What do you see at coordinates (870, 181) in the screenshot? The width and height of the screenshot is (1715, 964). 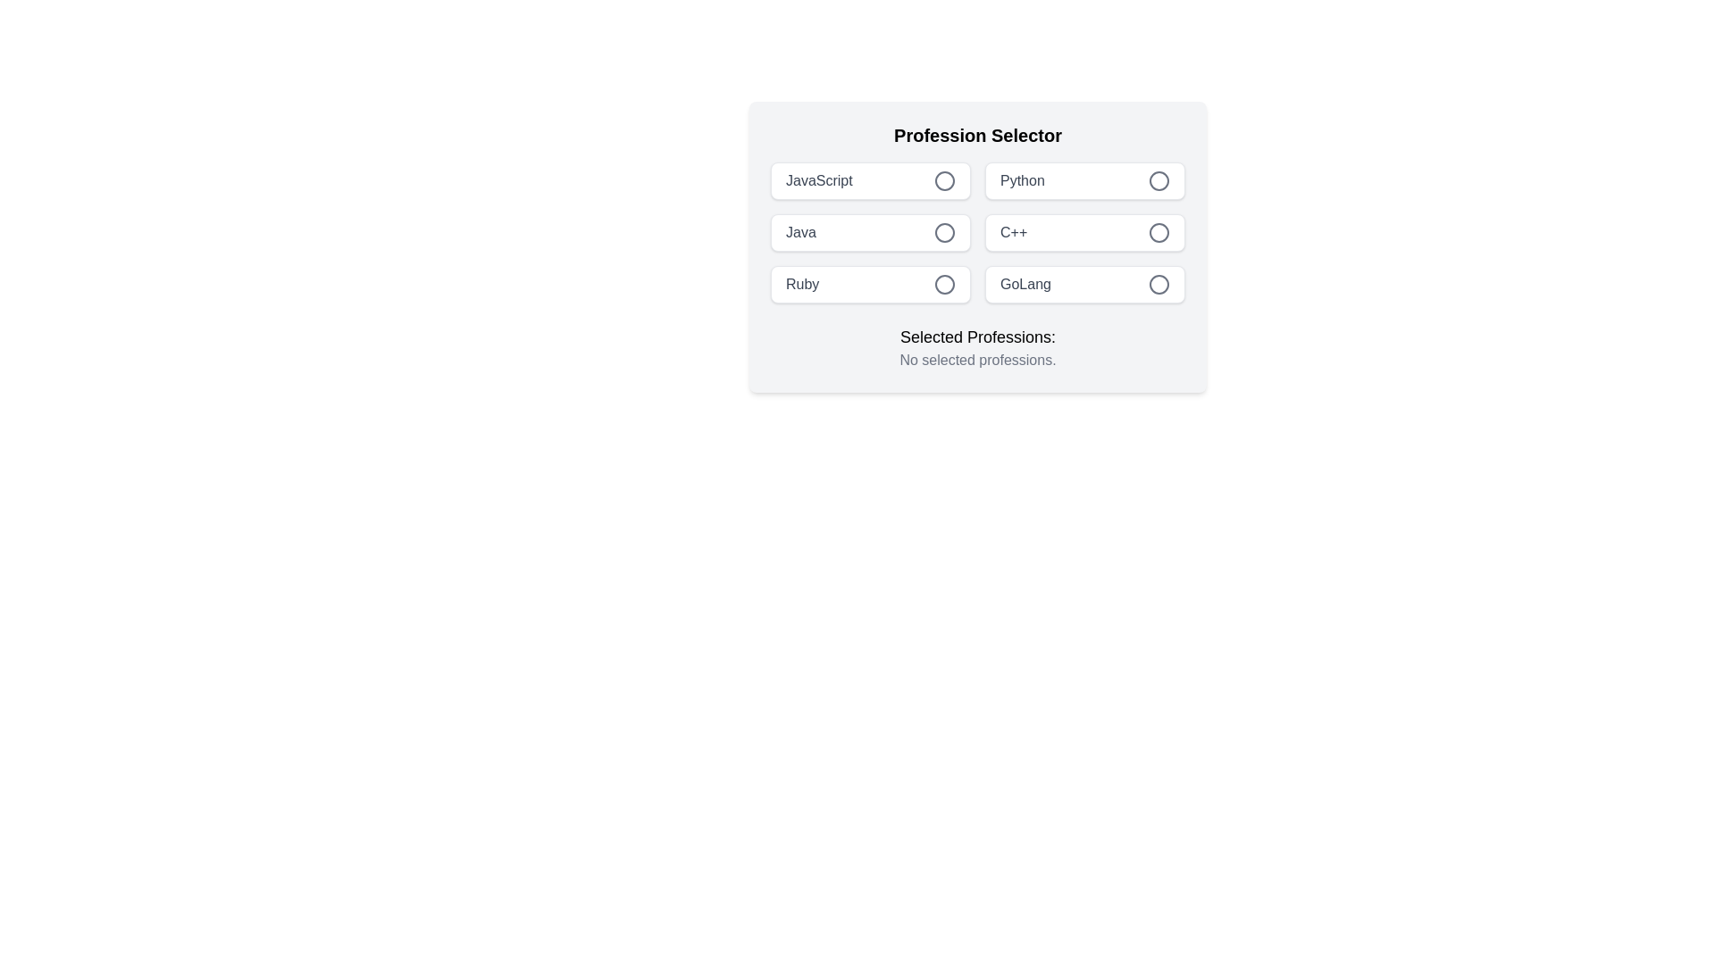 I see `the selectable option labeled 'JavaScript', which is a rectangular button with rounded corners and a white background, located in the upper-left corner of the grid layout` at bounding box center [870, 181].